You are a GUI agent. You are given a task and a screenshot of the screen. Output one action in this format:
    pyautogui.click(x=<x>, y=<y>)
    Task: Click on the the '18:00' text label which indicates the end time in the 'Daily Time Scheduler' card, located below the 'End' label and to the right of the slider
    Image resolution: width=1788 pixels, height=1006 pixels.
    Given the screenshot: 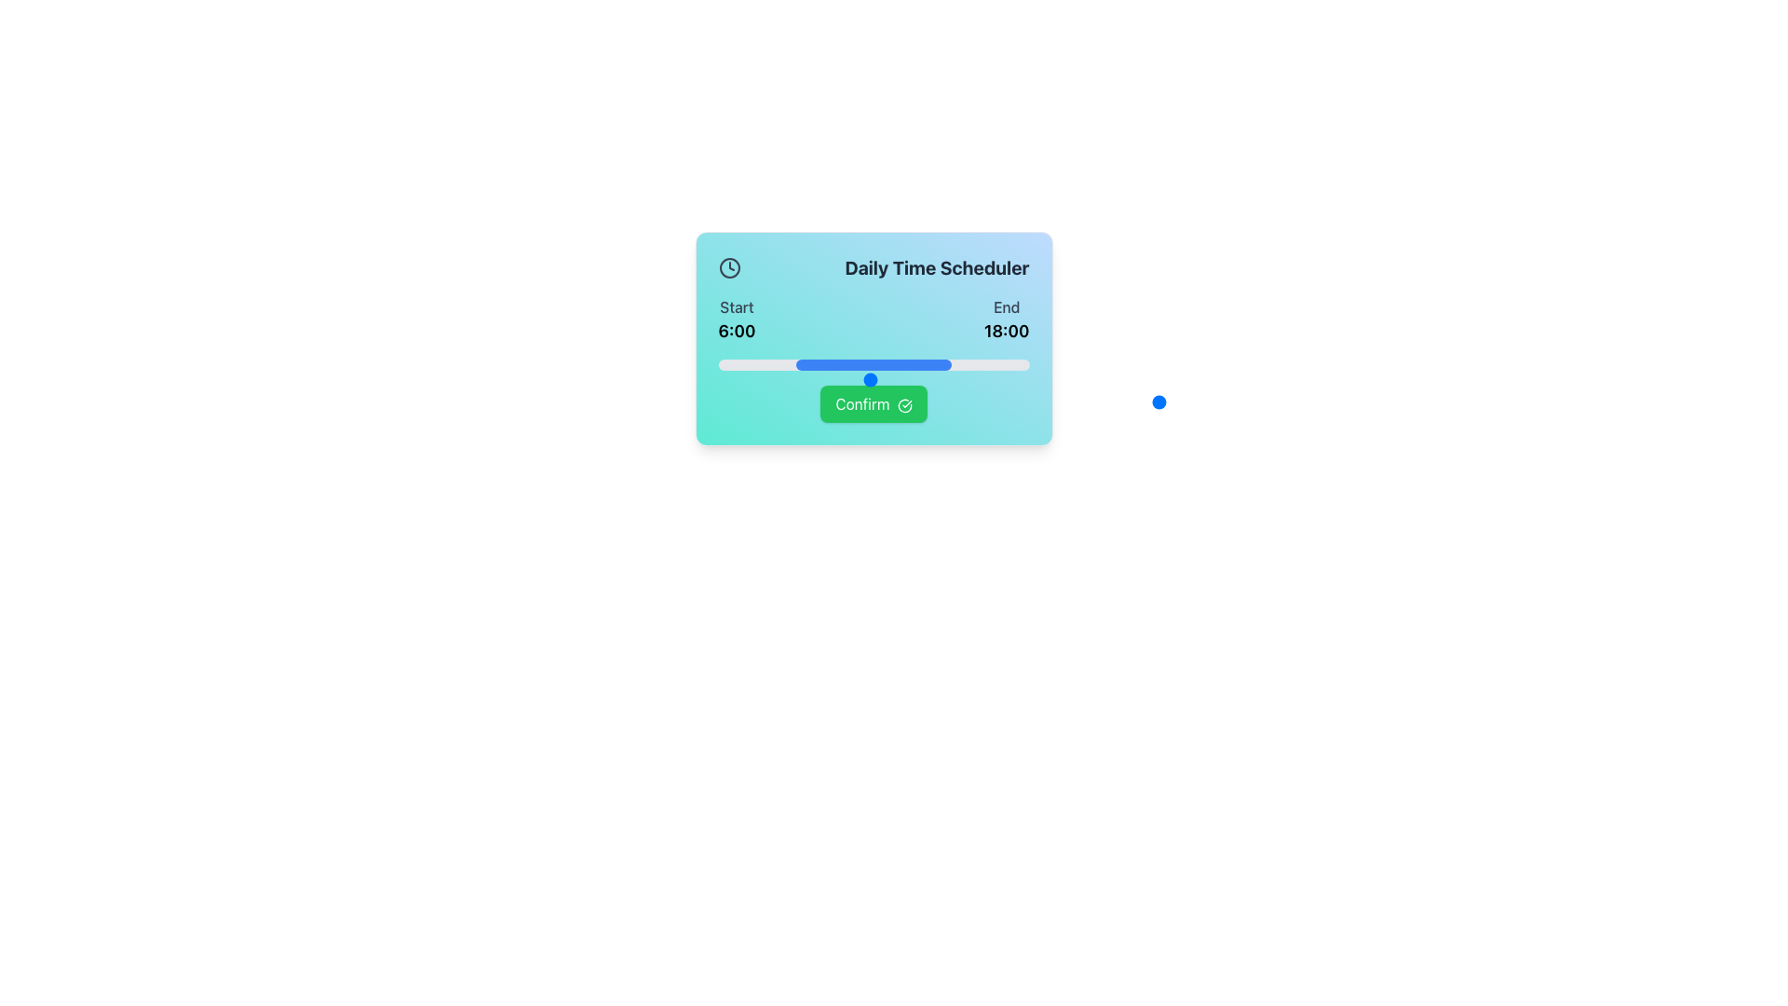 What is the action you would take?
    pyautogui.click(x=1006, y=330)
    